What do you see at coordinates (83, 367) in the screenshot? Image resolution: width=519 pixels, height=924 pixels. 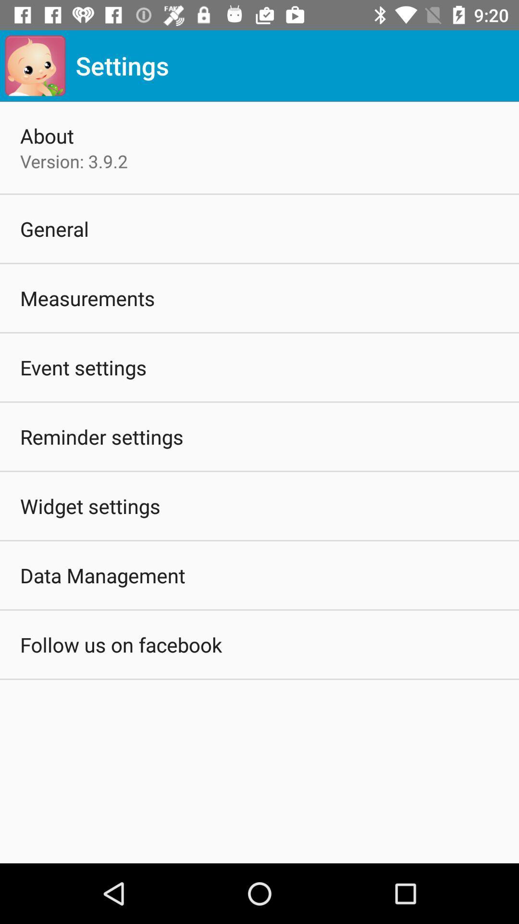 I see `item below measurements icon` at bounding box center [83, 367].